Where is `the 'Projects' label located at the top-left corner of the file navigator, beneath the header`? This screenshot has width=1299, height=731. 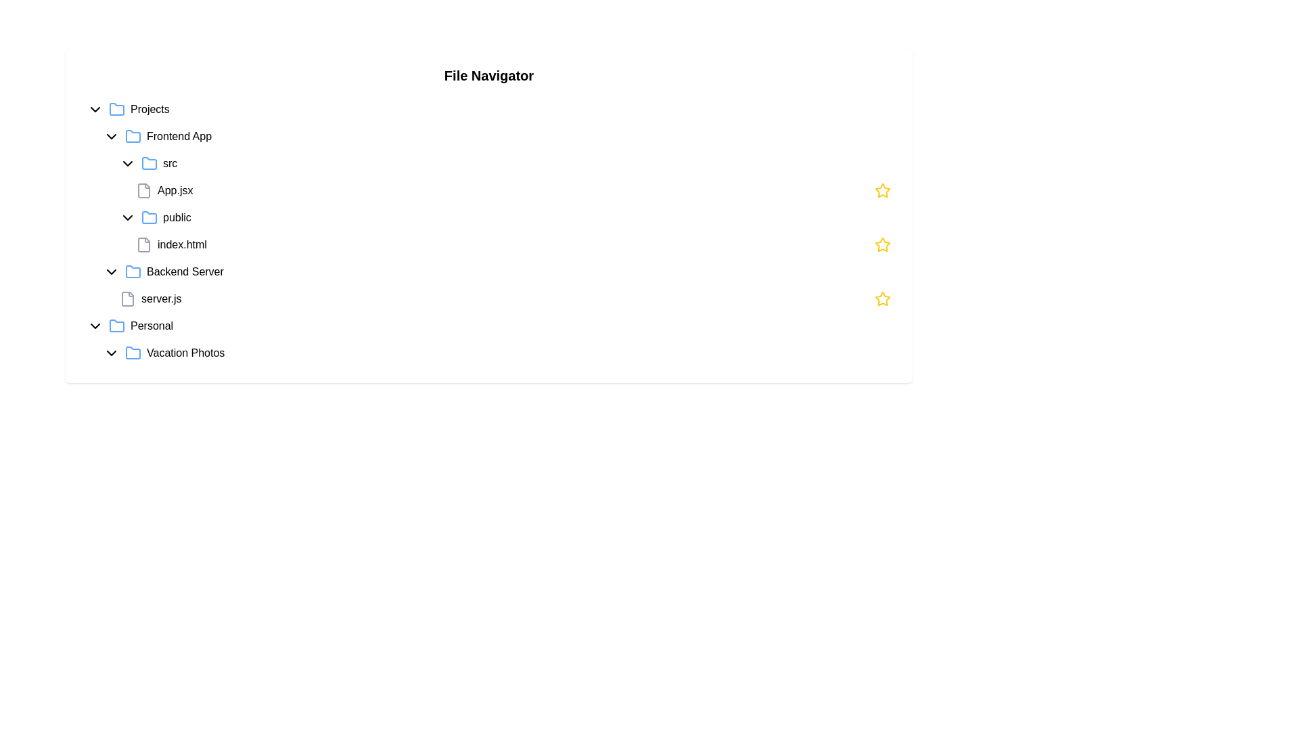 the 'Projects' label located at the top-left corner of the file navigator, beneath the header is located at coordinates (150, 109).